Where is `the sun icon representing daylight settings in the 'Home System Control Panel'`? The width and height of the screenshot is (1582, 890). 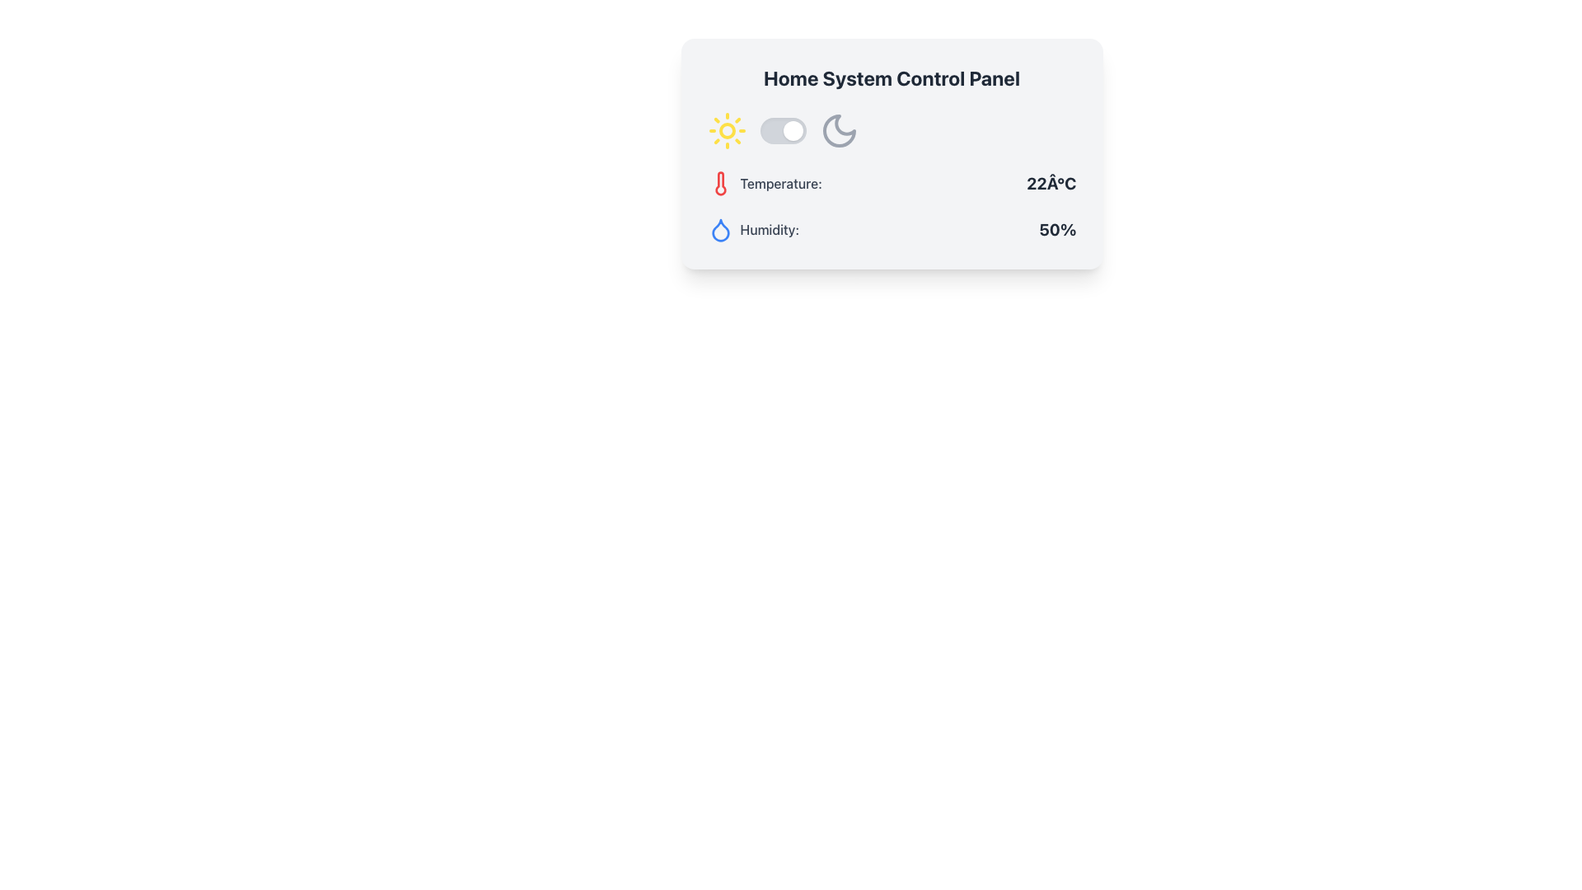
the sun icon representing daylight settings in the 'Home System Control Panel' is located at coordinates (726, 129).